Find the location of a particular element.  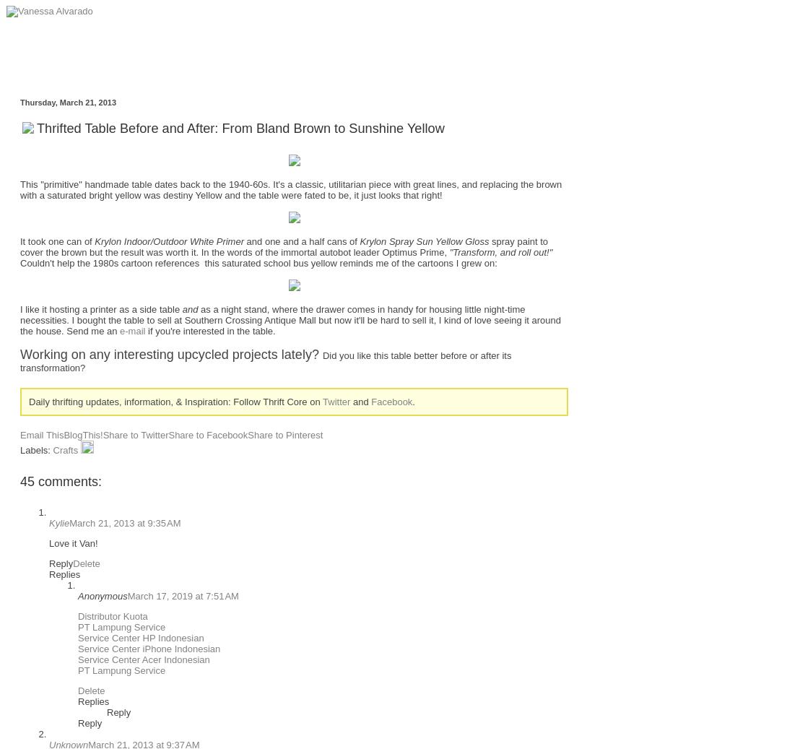

'.' is located at coordinates (413, 401).